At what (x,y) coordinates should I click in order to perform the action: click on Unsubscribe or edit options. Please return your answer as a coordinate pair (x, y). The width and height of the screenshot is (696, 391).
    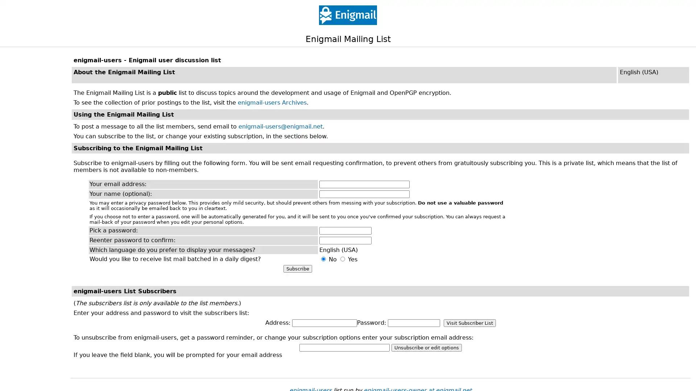
    Looking at the image, I should click on (426, 347).